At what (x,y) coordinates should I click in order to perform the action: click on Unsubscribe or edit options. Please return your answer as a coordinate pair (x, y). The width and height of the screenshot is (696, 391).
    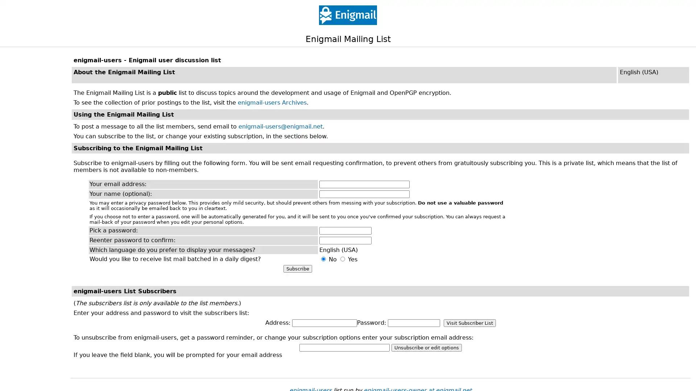
    Looking at the image, I should click on (426, 347).